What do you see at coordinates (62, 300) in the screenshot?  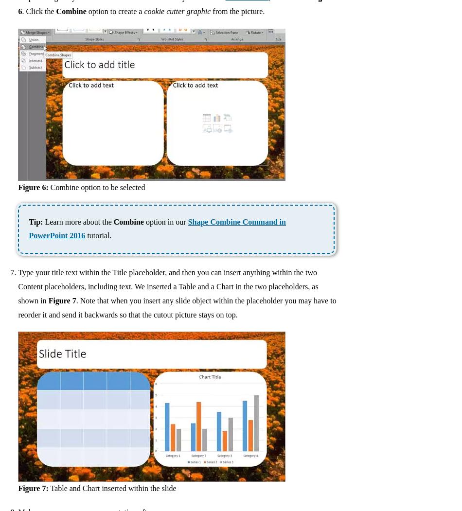 I see `'Figure 7'` at bounding box center [62, 300].